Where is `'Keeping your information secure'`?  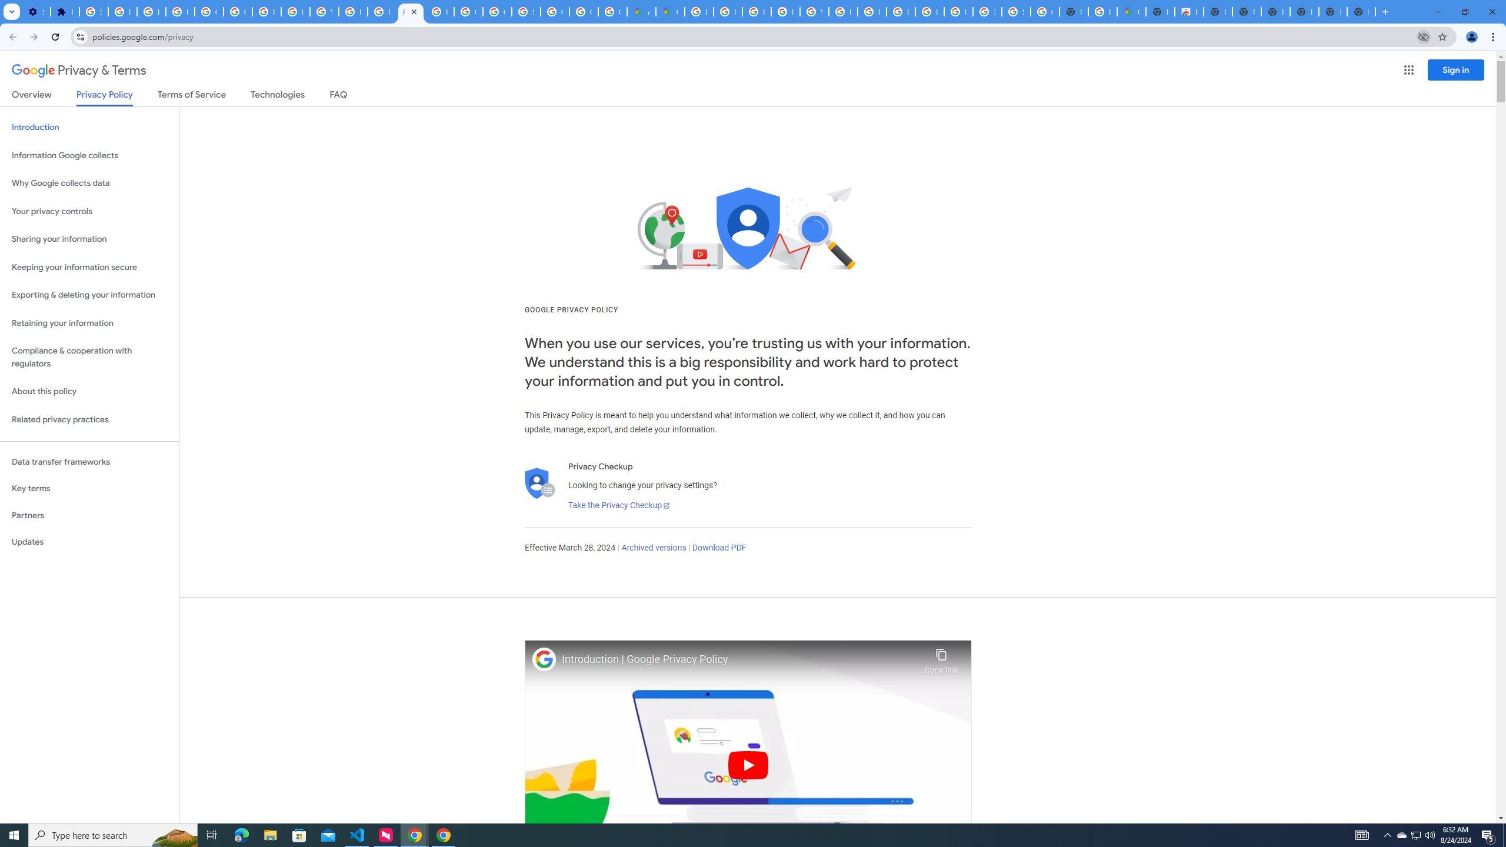
'Keeping your information secure' is located at coordinates (89, 268).